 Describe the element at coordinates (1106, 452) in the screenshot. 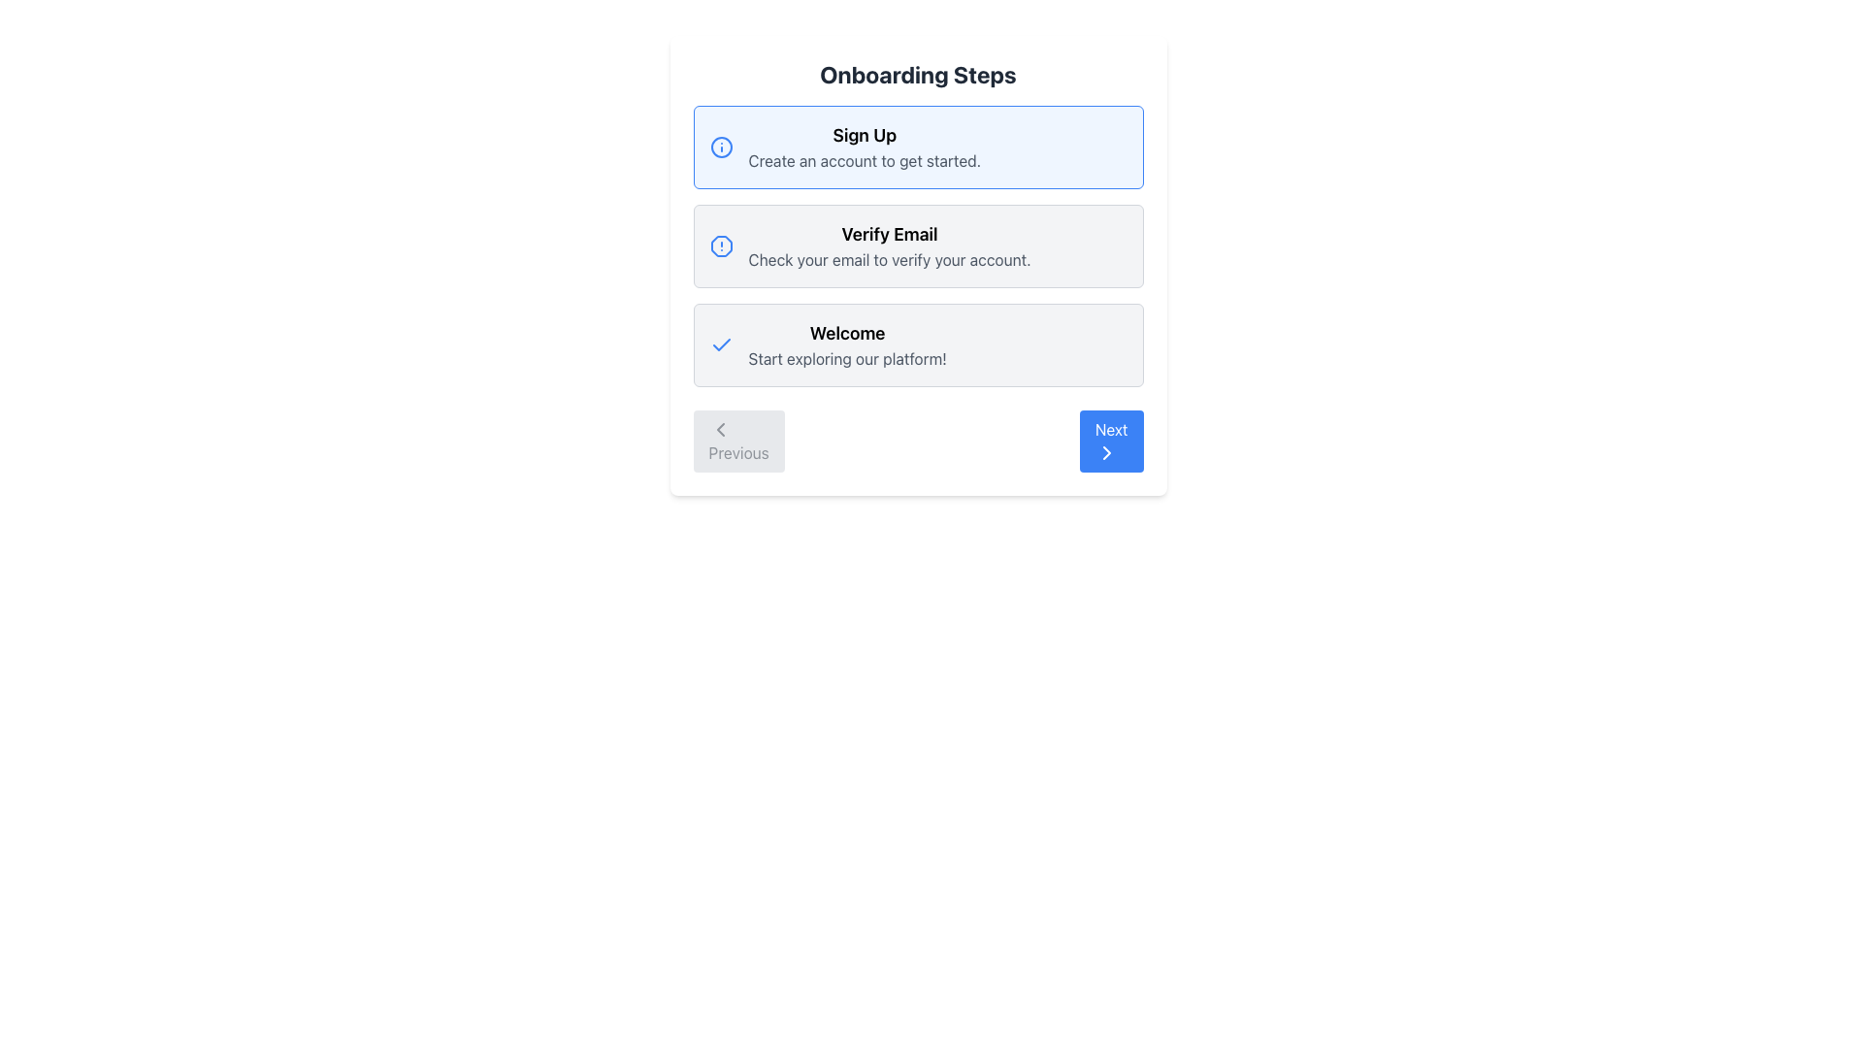

I see `the 'Next' button containing the right chevron arrow icon for keyboard navigation accessibility` at that location.